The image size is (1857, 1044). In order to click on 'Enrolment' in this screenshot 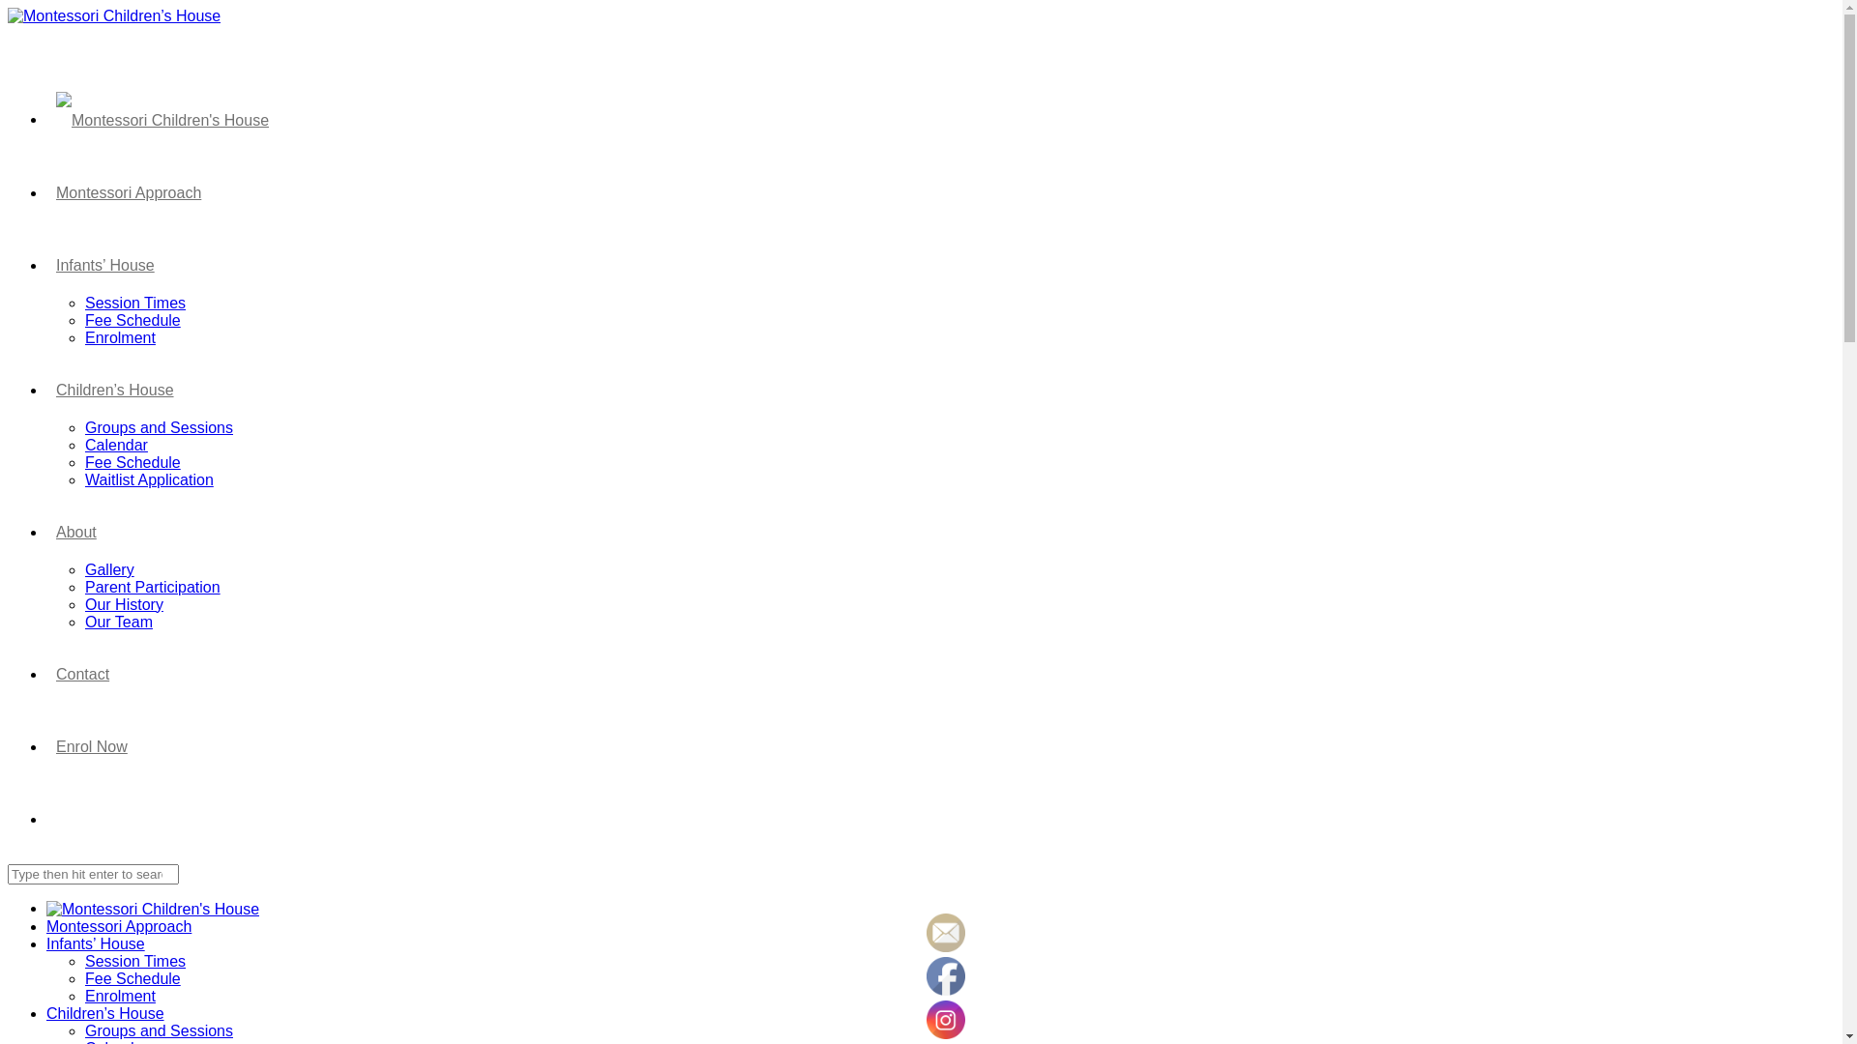, I will do `click(119, 996)`.